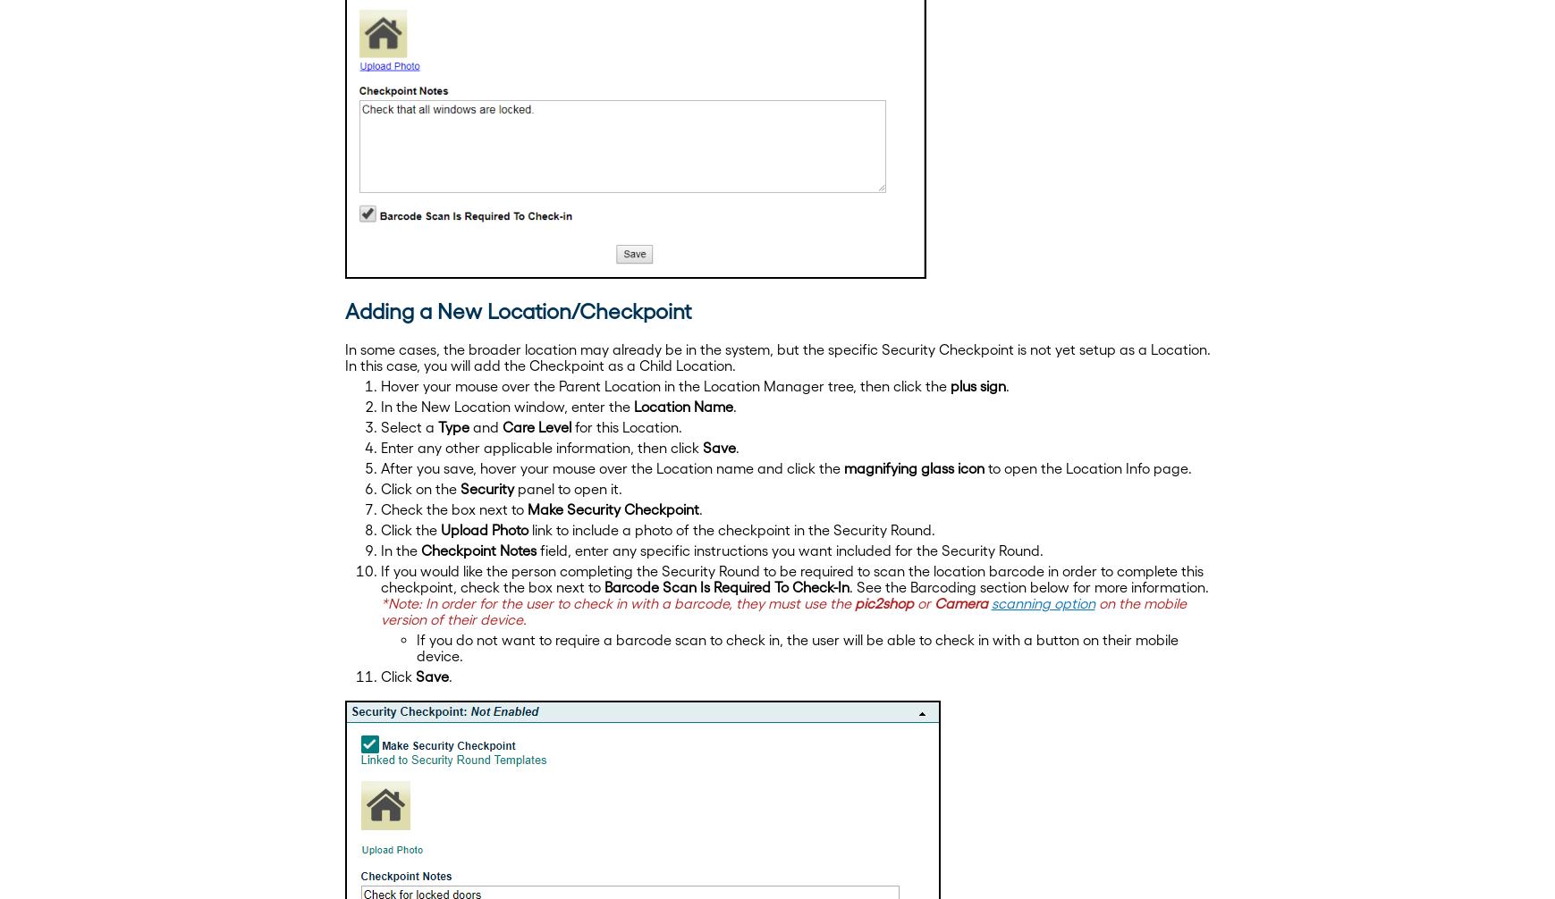 The width and height of the screenshot is (1555, 899). Describe the element at coordinates (419, 488) in the screenshot. I see `'Click on the'` at that location.